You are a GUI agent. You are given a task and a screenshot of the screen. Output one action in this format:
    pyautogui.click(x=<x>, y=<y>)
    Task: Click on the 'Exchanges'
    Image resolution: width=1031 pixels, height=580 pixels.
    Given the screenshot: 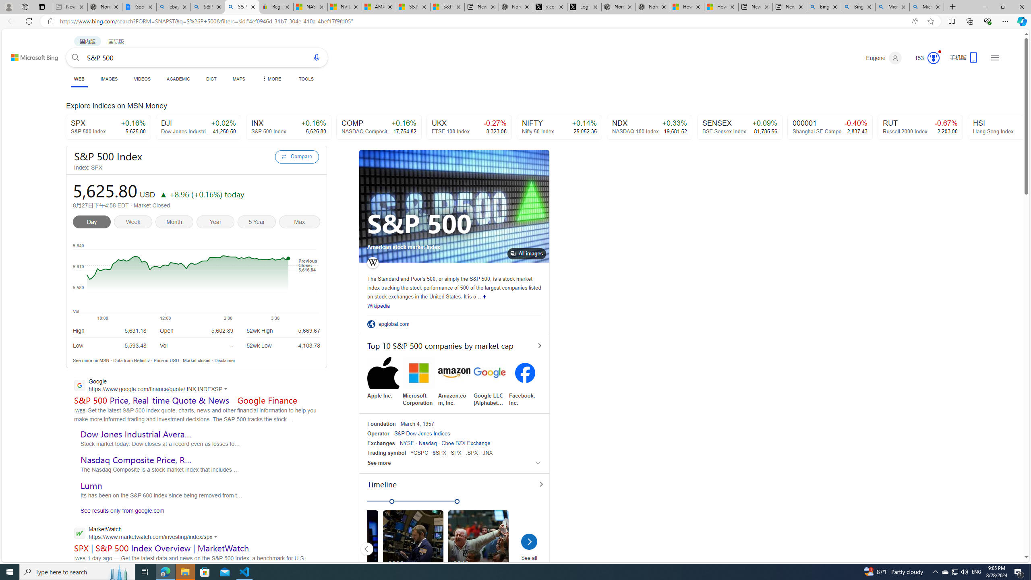 What is the action you would take?
    pyautogui.click(x=381, y=443)
    